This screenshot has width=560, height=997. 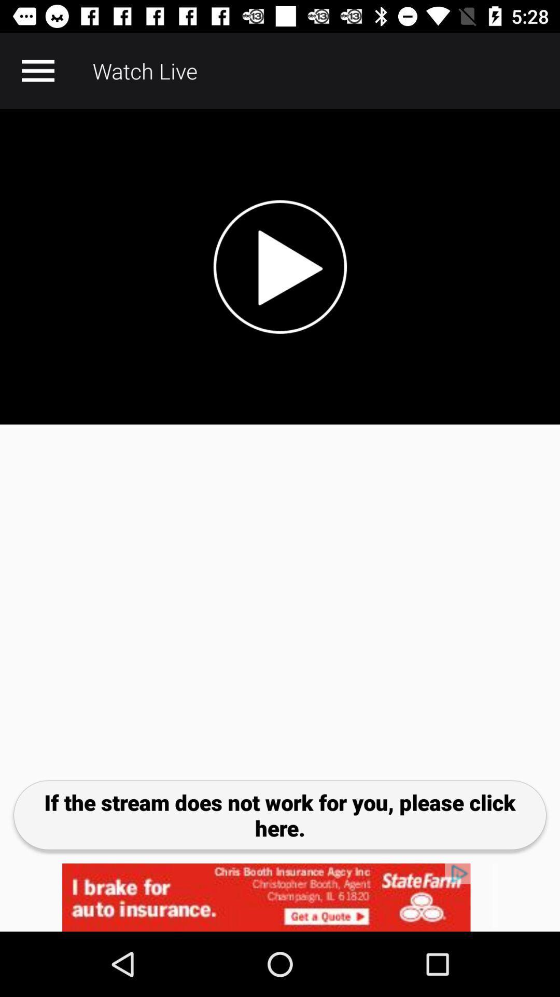 I want to click on more tools, so click(x=37, y=70).